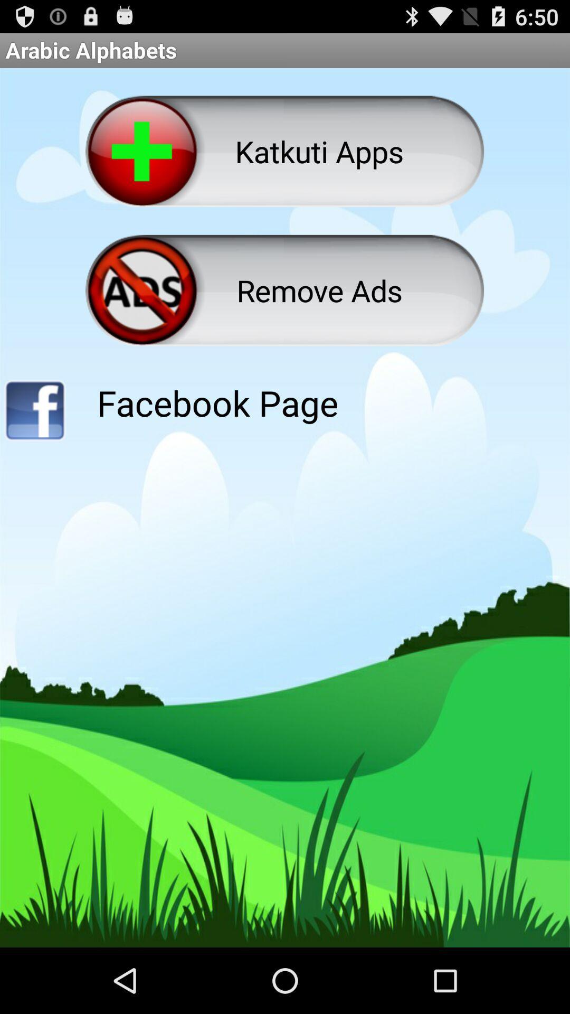 The height and width of the screenshot is (1014, 570). What do you see at coordinates (34, 443) in the screenshot?
I see `the facebook icon` at bounding box center [34, 443].